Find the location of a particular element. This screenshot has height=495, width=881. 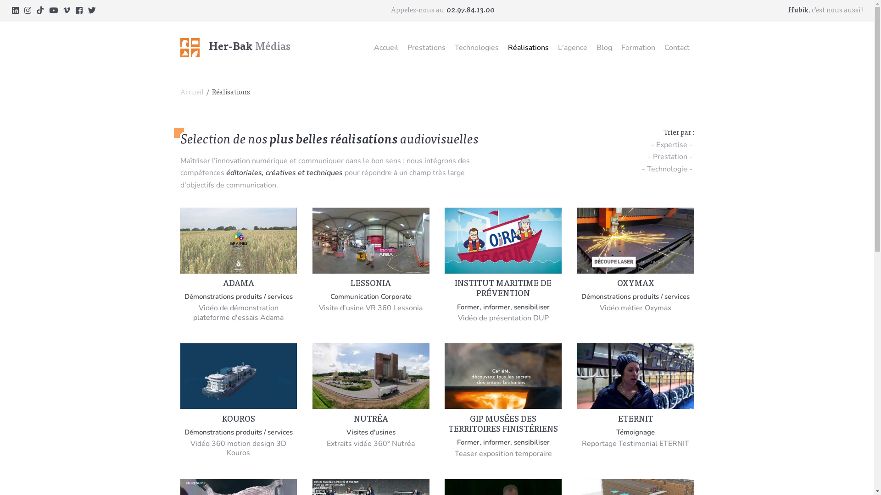

'Prestations' is located at coordinates (426, 48).